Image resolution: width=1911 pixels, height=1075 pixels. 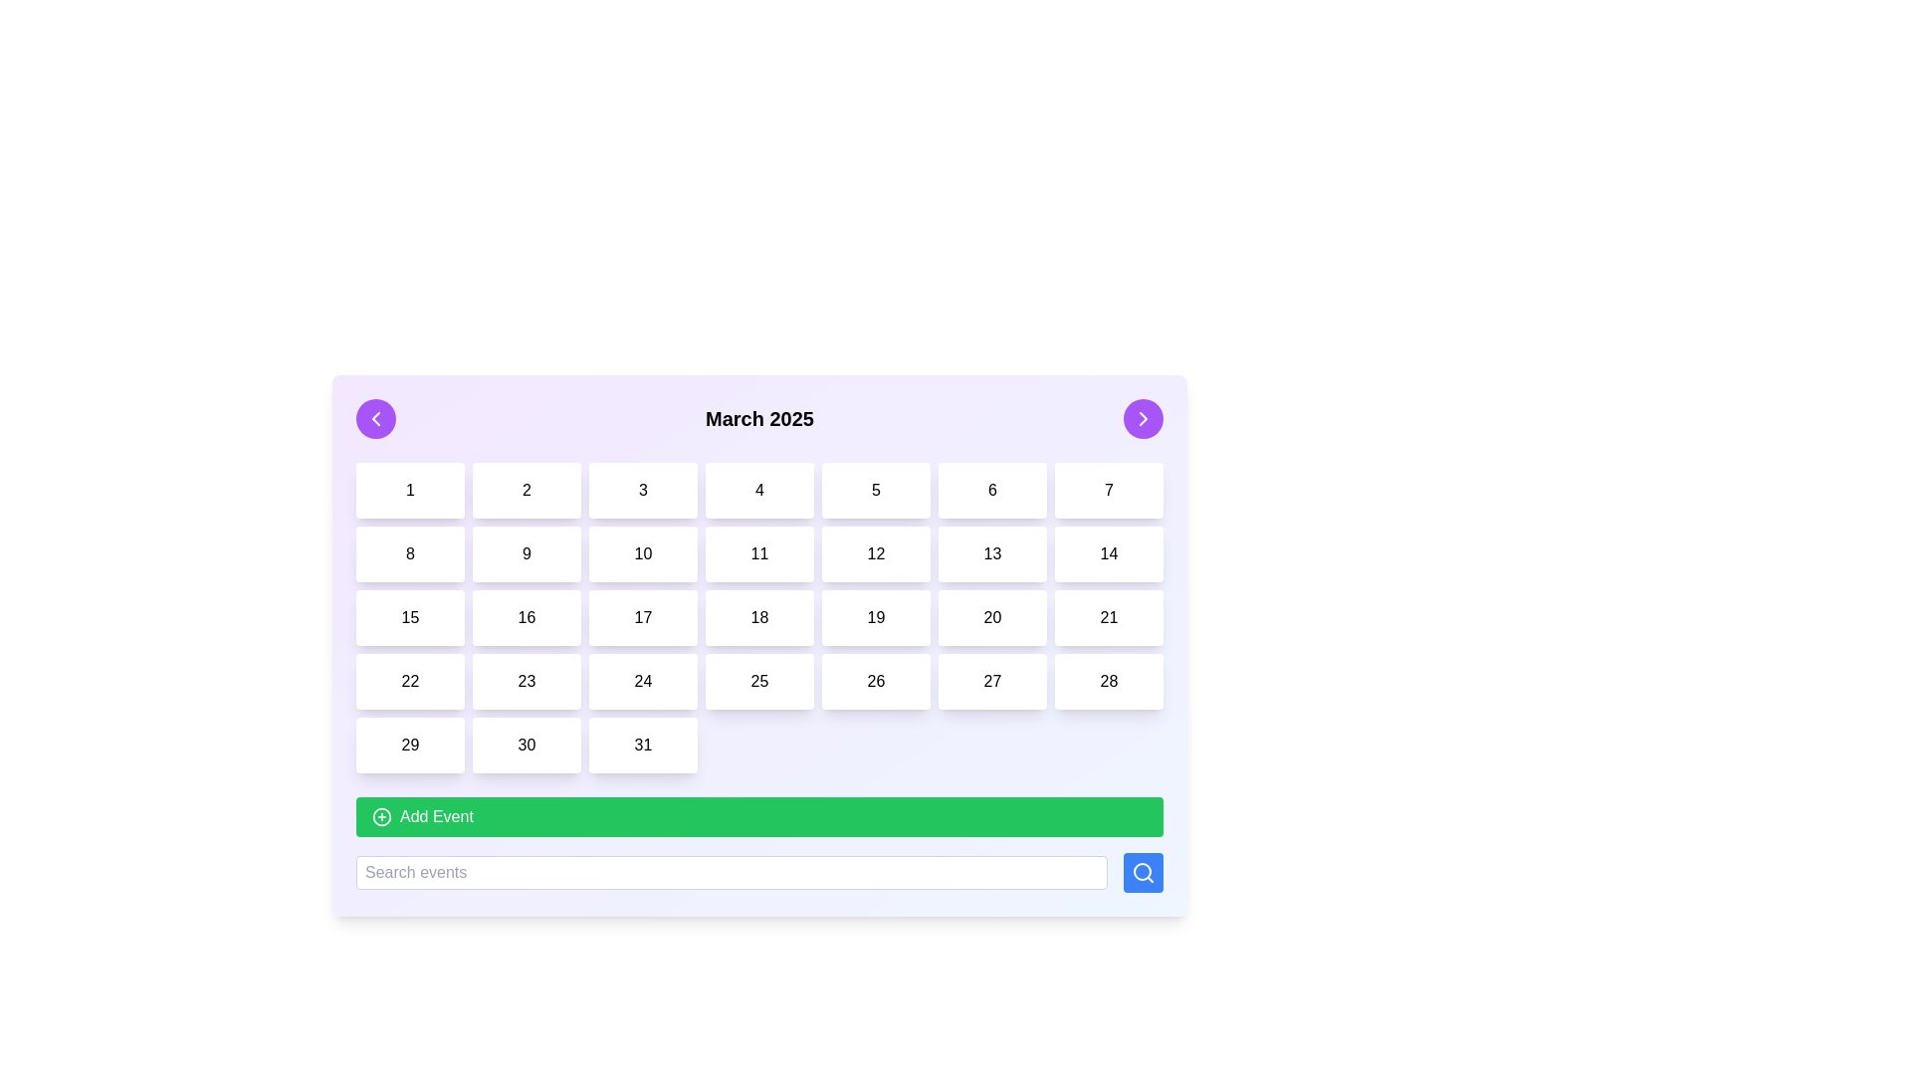 I want to click on the static informational text element displaying the number '26' in the calendar grid layout, which is positioned on the fourth row and fifth column, corresponding to March 26, 2025, so click(x=876, y=681).